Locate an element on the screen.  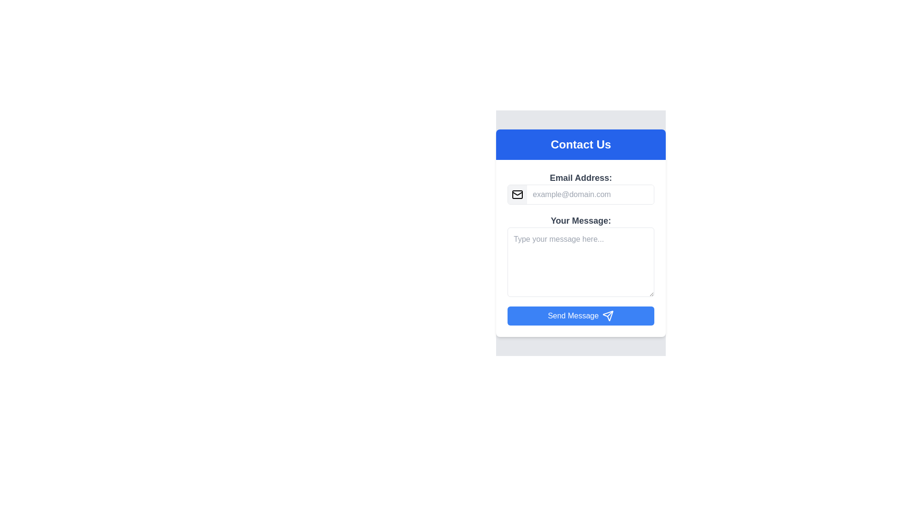
the rectangular envelope icon in the 'Contact Us' section, located to the left of the email input field placeholder text is located at coordinates (517, 194).